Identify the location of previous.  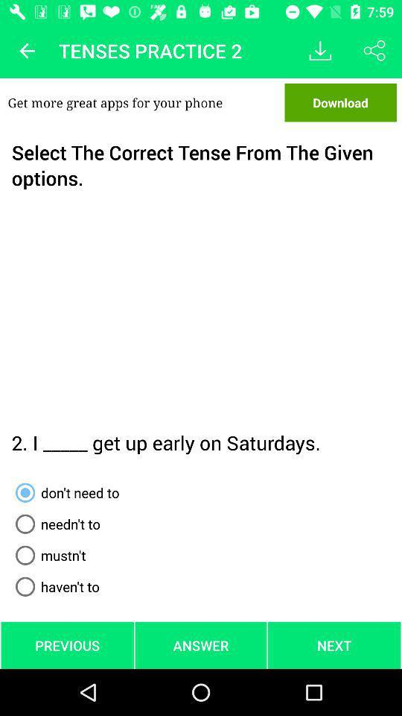
(27, 51).